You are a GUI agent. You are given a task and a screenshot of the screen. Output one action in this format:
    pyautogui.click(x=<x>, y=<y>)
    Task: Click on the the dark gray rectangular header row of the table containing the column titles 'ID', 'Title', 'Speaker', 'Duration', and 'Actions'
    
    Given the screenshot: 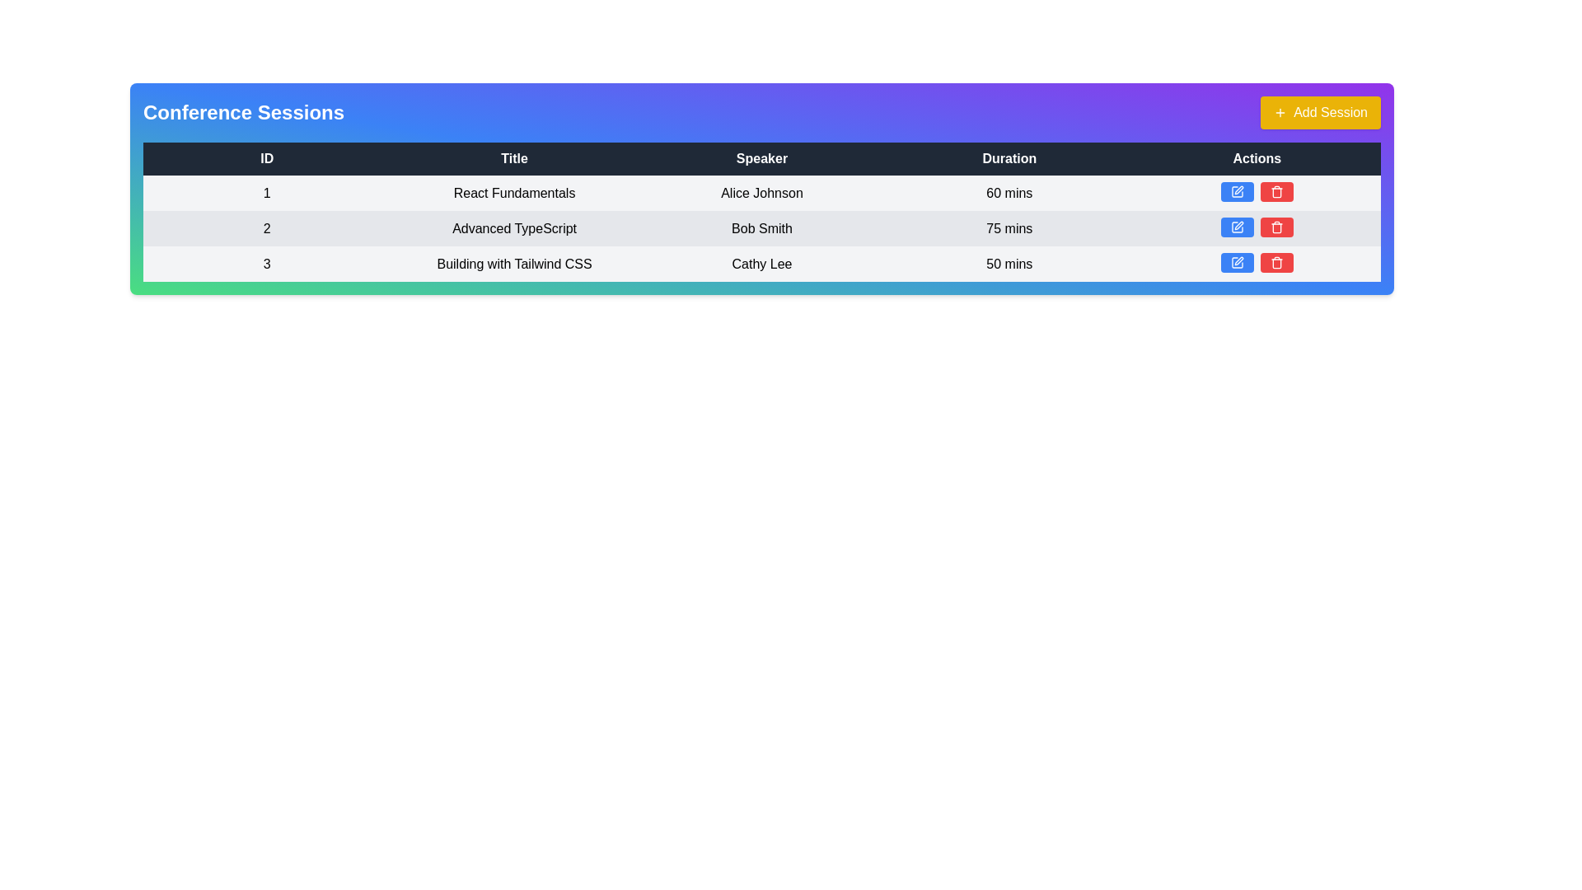 What is the action you would take?
    pyautogui.click(x=761, y=158)
    